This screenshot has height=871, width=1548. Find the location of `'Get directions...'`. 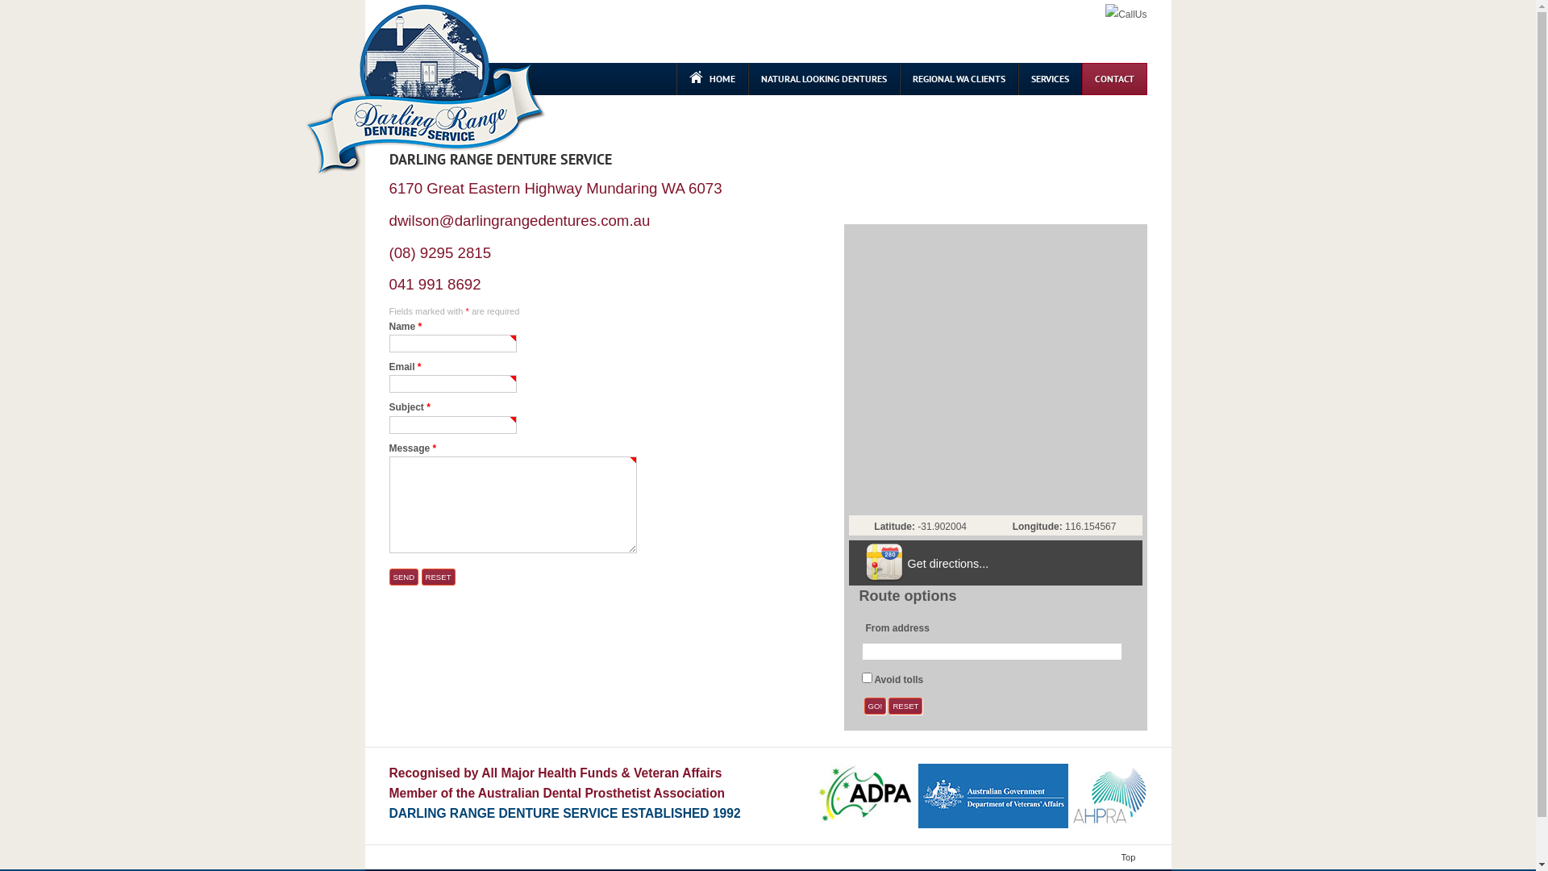

'Get directions...' is located at coordinates (948, 562).